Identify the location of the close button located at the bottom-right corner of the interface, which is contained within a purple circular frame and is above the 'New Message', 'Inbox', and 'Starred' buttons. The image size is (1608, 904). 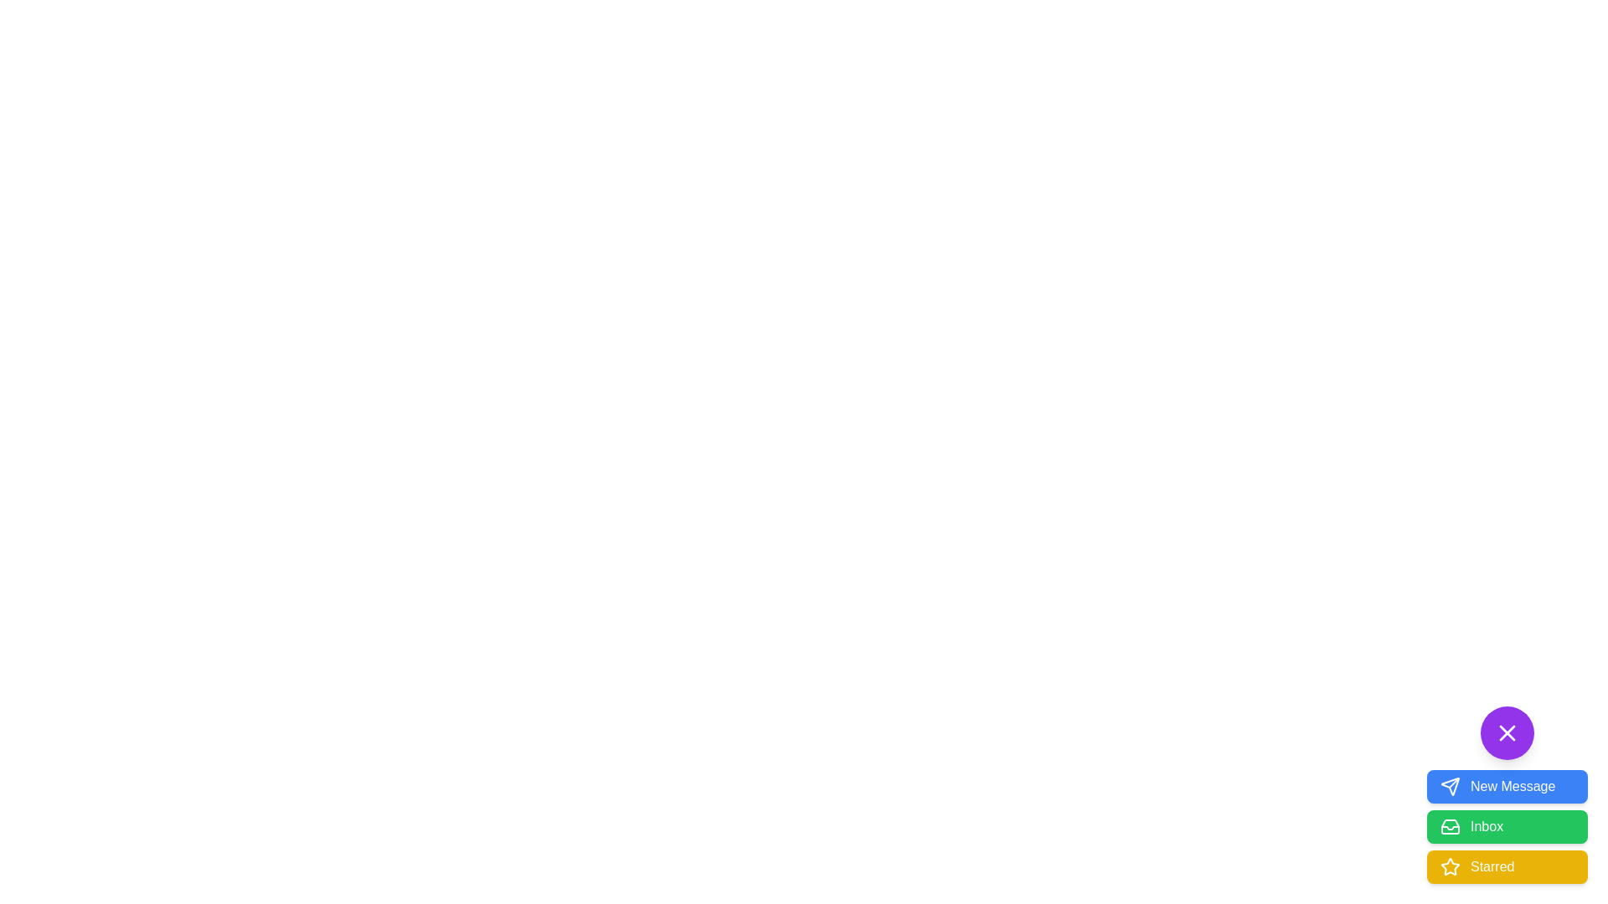
(1507, 732).